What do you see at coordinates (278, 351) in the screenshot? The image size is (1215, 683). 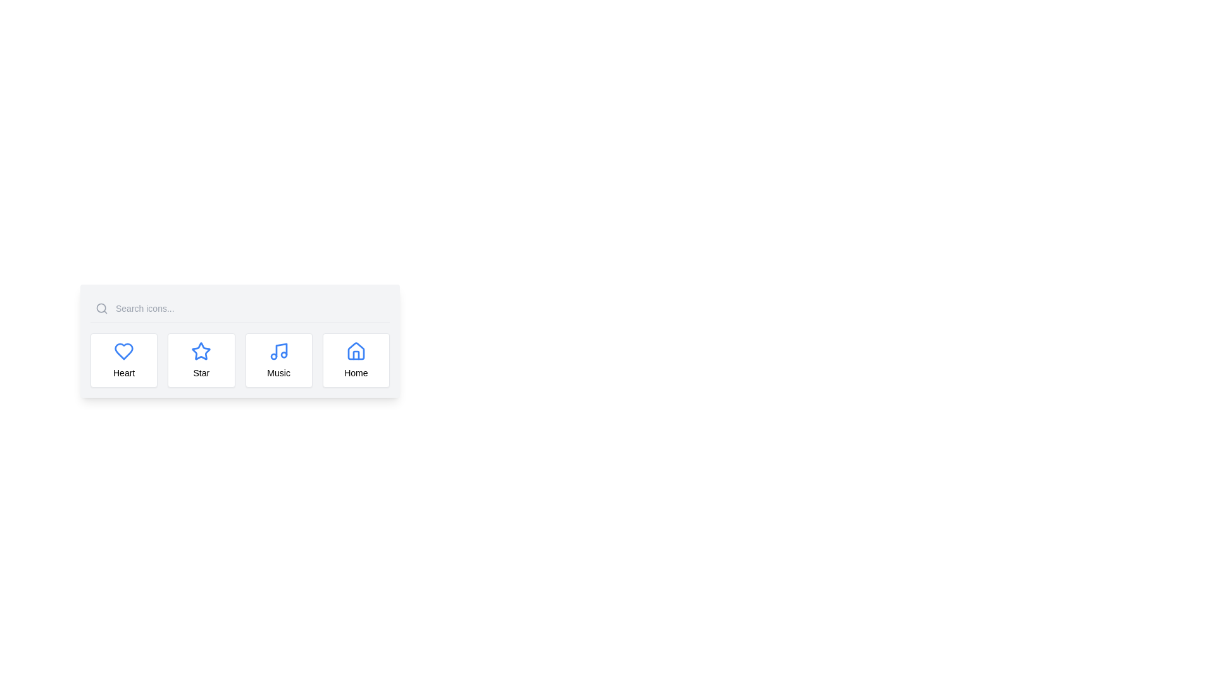 I see `the blue musical note icon, which is the third icon in a menu row, located between the 'Star' and 'Home' icons, contained within the 'Music' card` at bounding box center [278, 351].